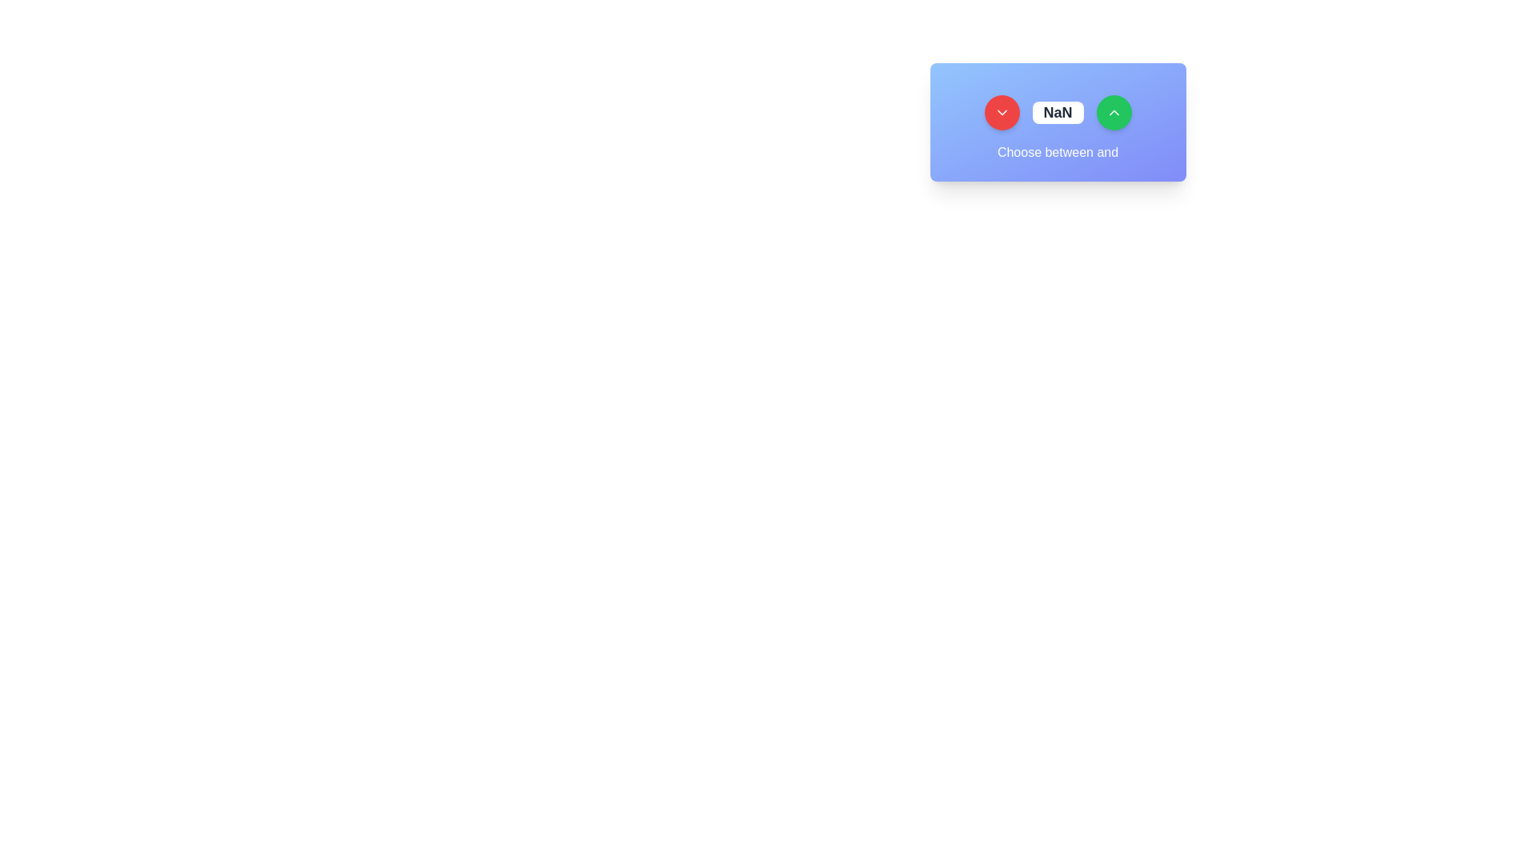 The image size is (1536, 864). Describe the element at coordinates (1113, 112) in the screenshot. I see `the circular increment button located to the far right of a row, adjacent to the text box displaying 'NaN'` at that location.